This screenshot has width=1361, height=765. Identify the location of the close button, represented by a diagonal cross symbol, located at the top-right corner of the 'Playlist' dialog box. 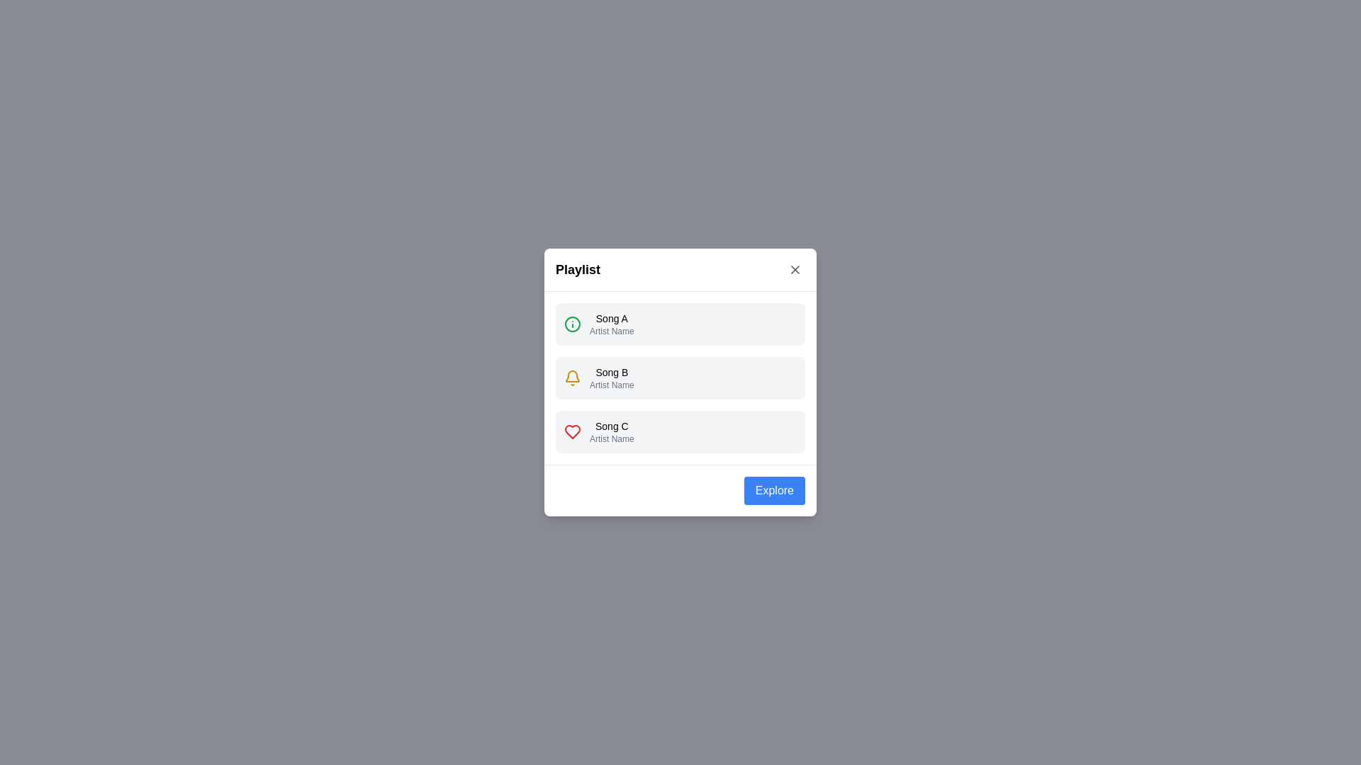
(795, 270).